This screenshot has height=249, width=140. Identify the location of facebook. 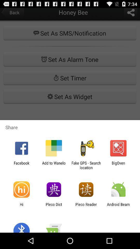
(21, 165).